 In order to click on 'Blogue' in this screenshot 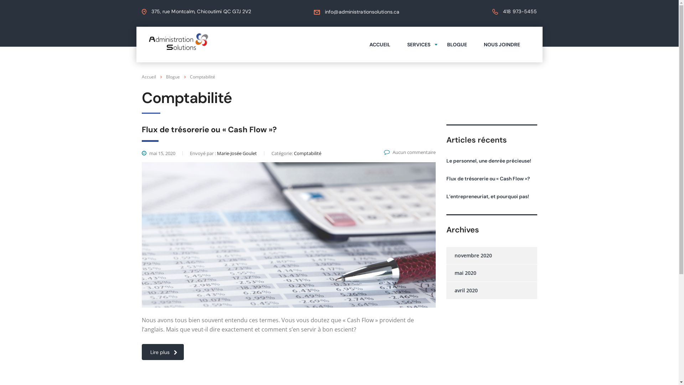, I will do `click(173, 77)`.